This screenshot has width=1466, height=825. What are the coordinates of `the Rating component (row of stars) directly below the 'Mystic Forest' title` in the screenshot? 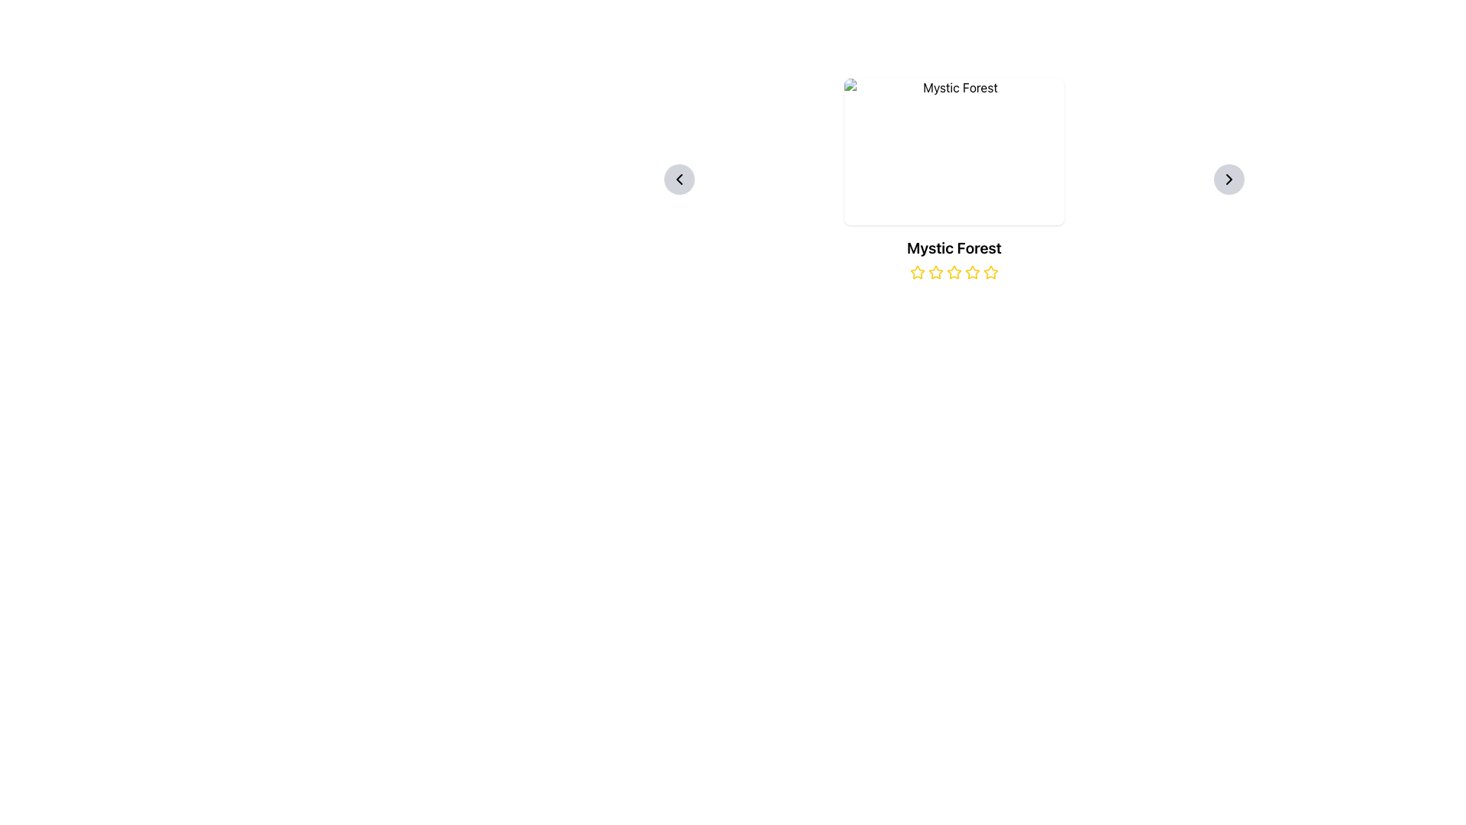 It's located at (953, 272).